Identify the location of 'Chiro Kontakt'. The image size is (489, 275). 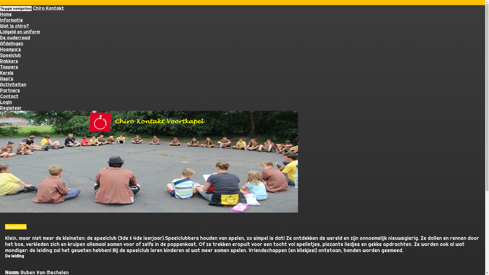
(33, 8).